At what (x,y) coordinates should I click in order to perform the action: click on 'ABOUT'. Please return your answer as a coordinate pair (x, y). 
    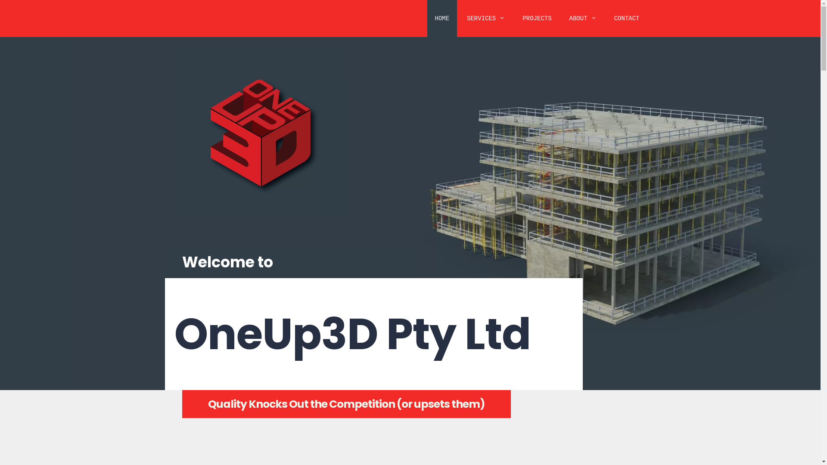
    Looking at the image, I should click on (583, 18).